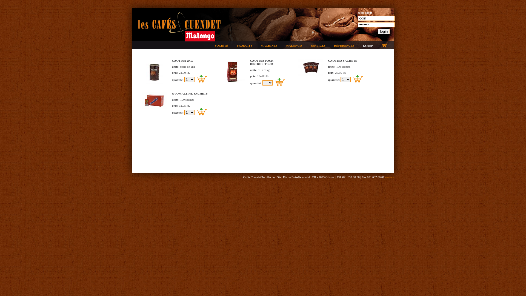 This screenshot has height=296, width=526. What do you see at coordinates (154, 104) in the screenshot?
I see `'ovo sachets, voir +...'` at bounding box center [154, 104].